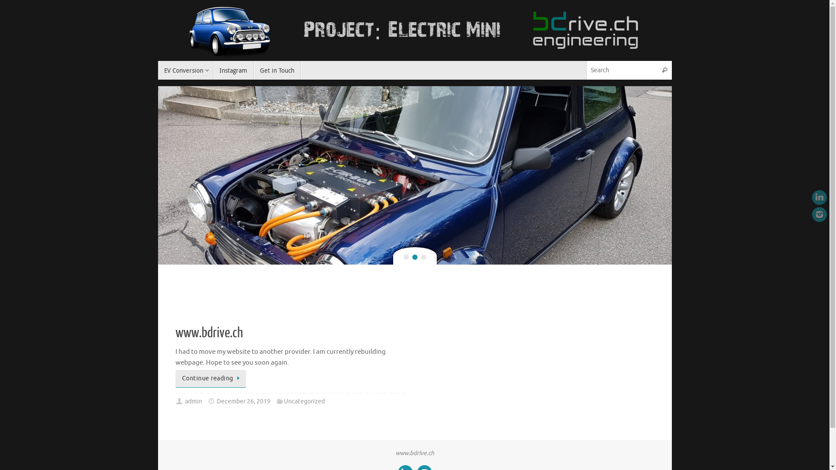 The image size is (836, 470). Describe the element at coordinates (664, 70) in the screenshot. I see `'Search'` at that location.